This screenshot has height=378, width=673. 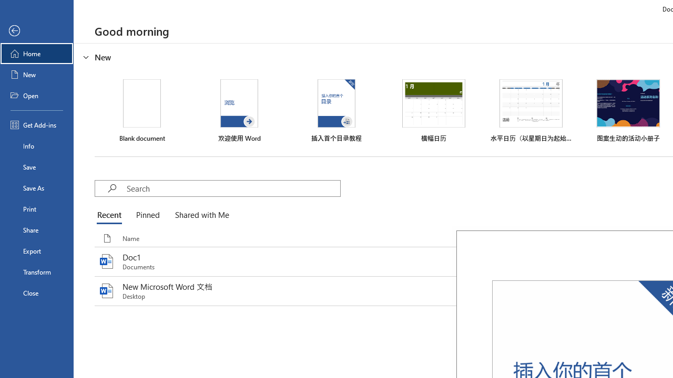 What do you see at coordinates (36, 124) in the screenshot?
I see `'Get Add-ins'` at bounding box center [36, 124].